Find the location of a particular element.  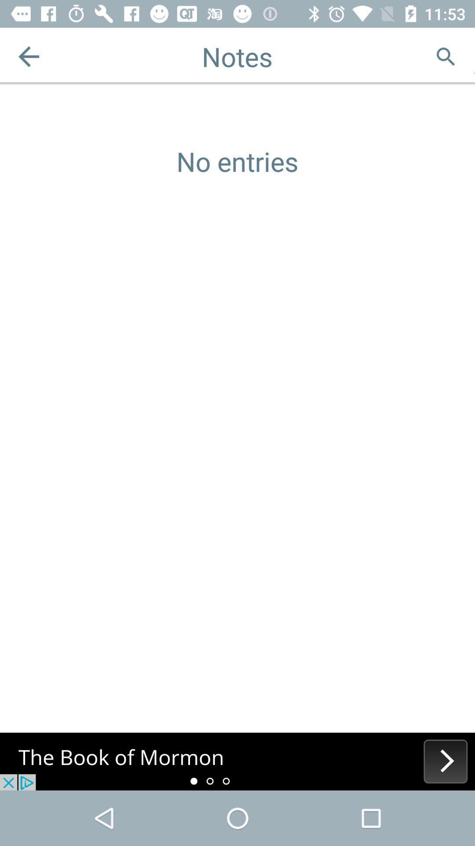

search button is located at coordinates (446, 56).